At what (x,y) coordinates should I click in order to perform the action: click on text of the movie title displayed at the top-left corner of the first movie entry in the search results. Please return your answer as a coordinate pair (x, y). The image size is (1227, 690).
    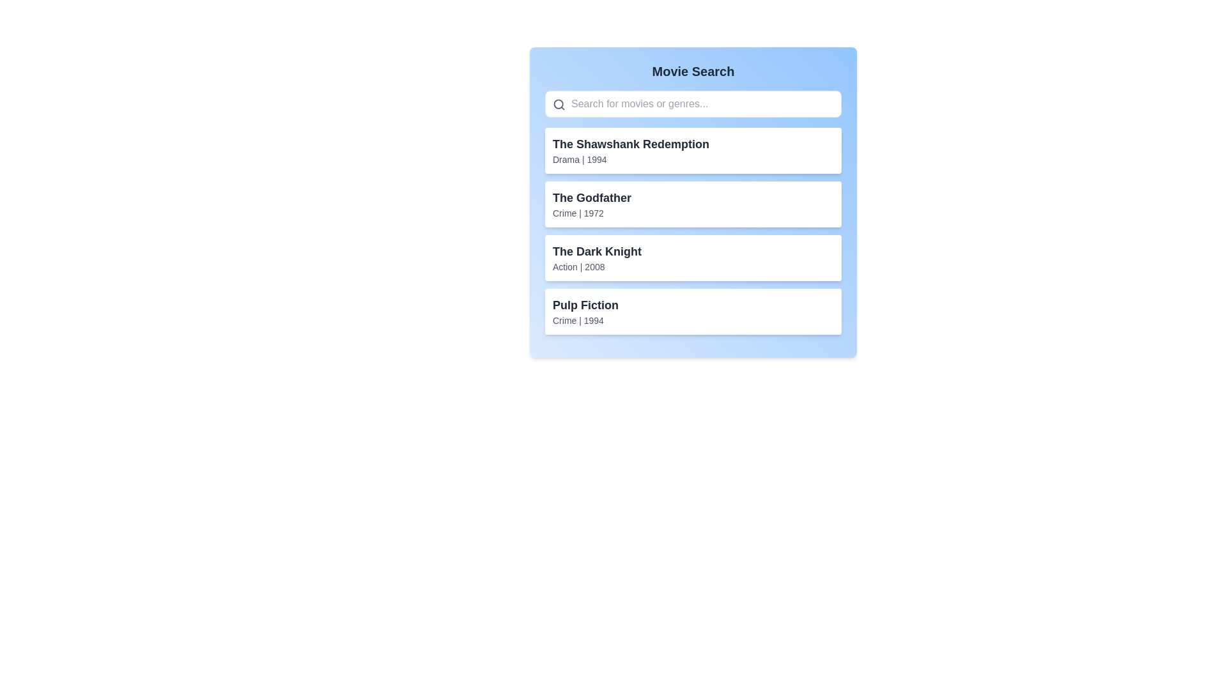
    Looking at the image, I should click on (631, 144).